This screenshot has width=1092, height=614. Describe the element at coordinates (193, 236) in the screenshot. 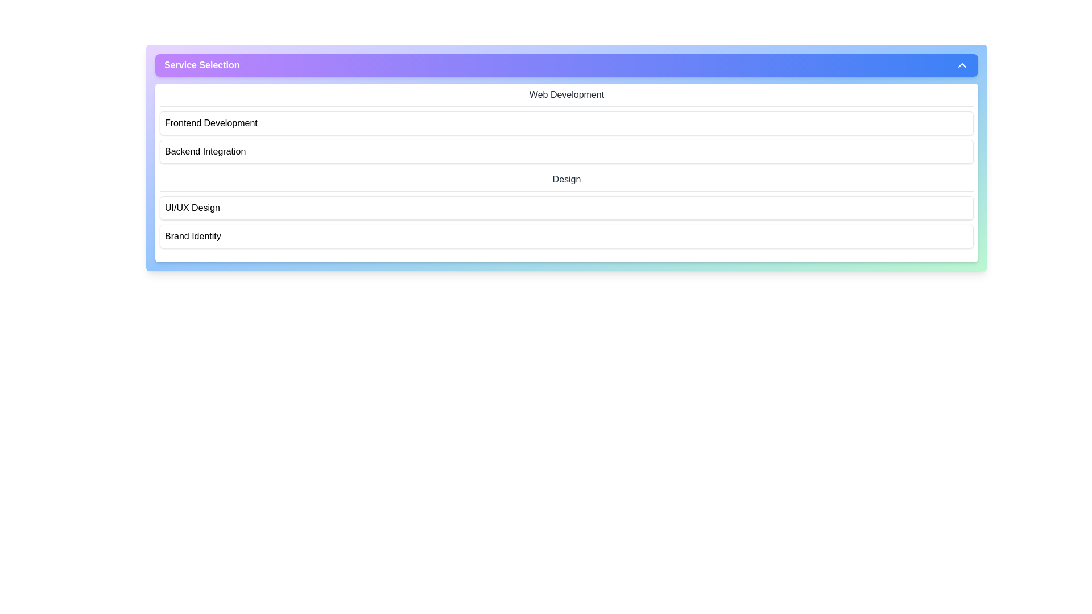

I see `the text label displaying 'Brand Identity', which is styled with a black font on a white background and appears as a clickable list item` at that location.